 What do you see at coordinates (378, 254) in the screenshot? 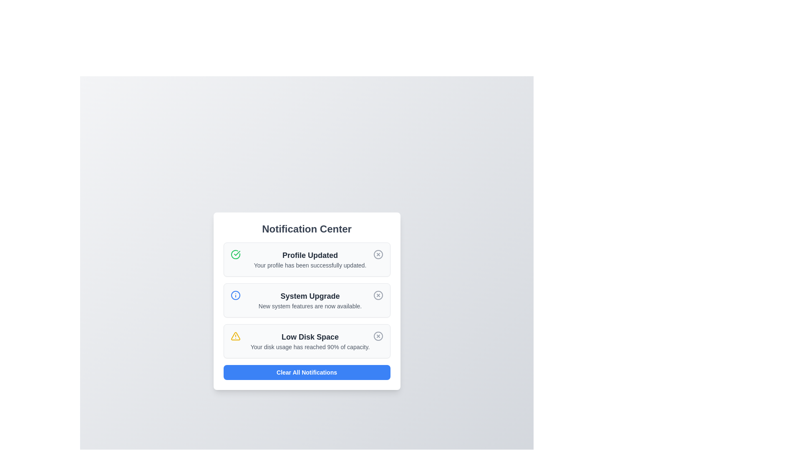
I see `the dismiss icon represented by a circular SVG with a cross mark, located at the rightmost end of the 'Profile Updated' notification banner` at bounding box center [378, 254].